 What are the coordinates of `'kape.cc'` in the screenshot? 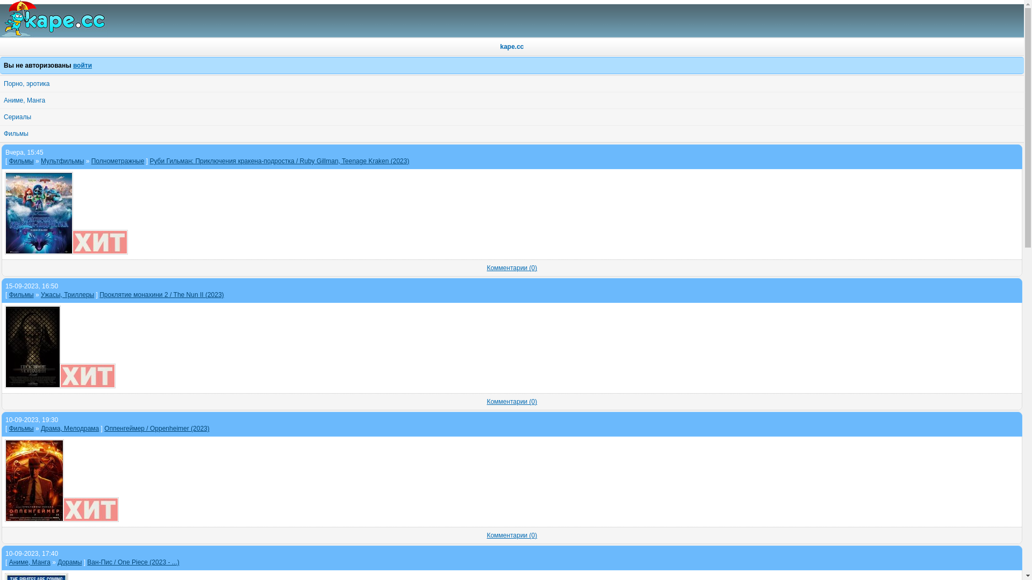 It's located at (511, 46).